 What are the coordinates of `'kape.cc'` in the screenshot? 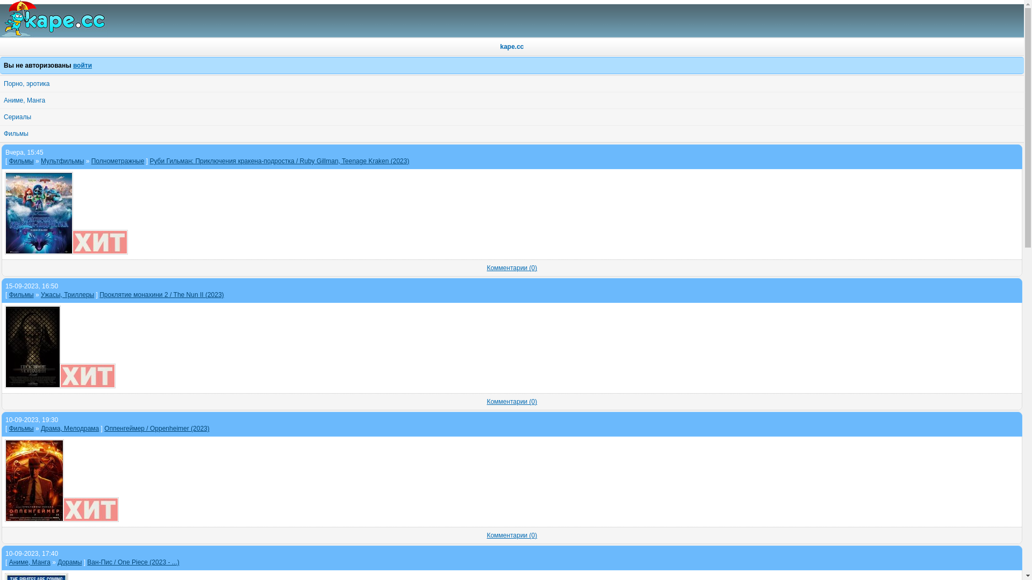 It's located at (511, 46).